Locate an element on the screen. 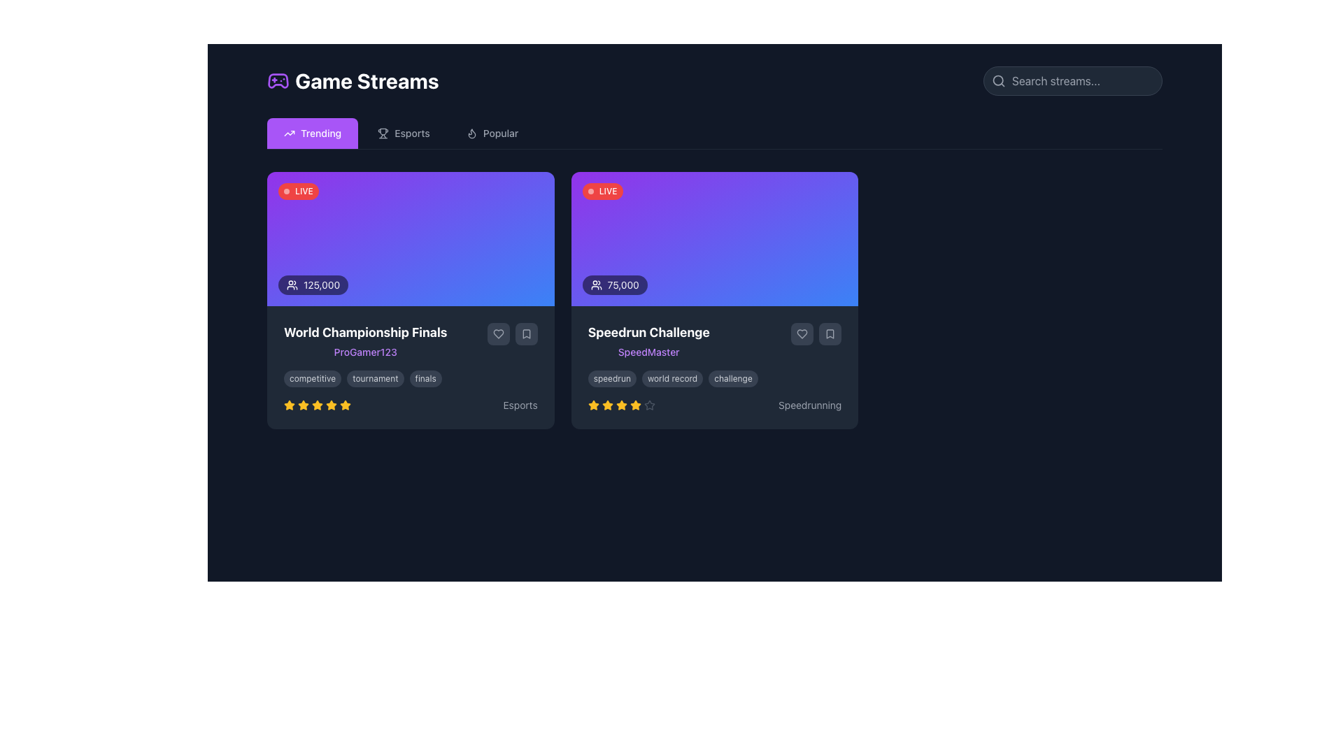 This screenshot has width=1343, height=755. the first star icon in the rating system of the 'Speedrun Challenge' card located on the right side of the interface is located at coordinates (593, 405).